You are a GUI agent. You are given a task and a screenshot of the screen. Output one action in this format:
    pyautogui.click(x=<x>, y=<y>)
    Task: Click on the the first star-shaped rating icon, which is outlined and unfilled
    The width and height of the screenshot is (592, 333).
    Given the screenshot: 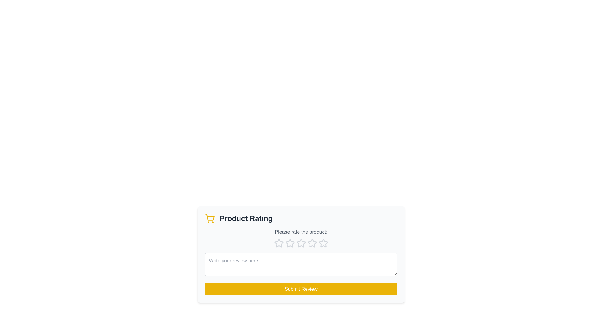 What is the action you would take?
    pyautogui.click(x=278, y=243)
    